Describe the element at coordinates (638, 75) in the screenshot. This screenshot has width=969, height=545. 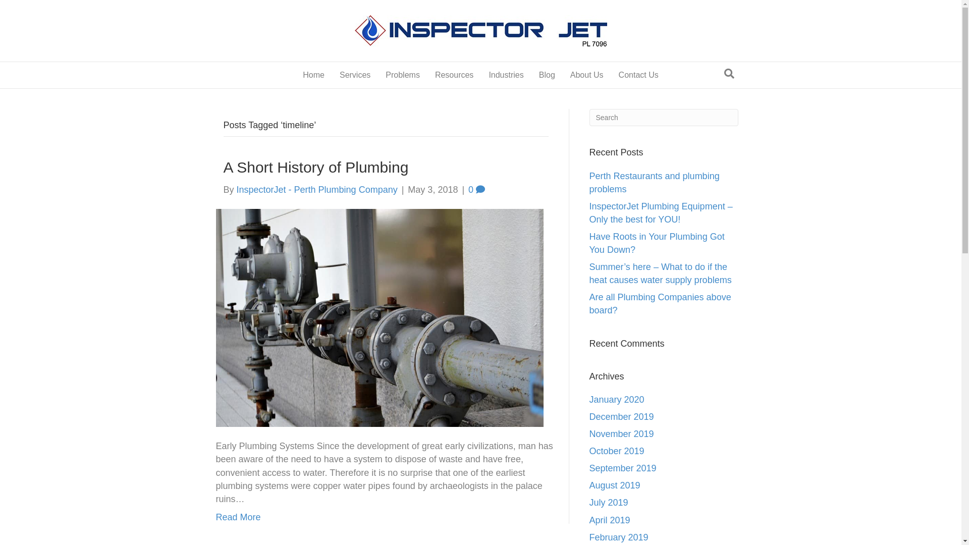
I see `'Contact Us'` at that location.